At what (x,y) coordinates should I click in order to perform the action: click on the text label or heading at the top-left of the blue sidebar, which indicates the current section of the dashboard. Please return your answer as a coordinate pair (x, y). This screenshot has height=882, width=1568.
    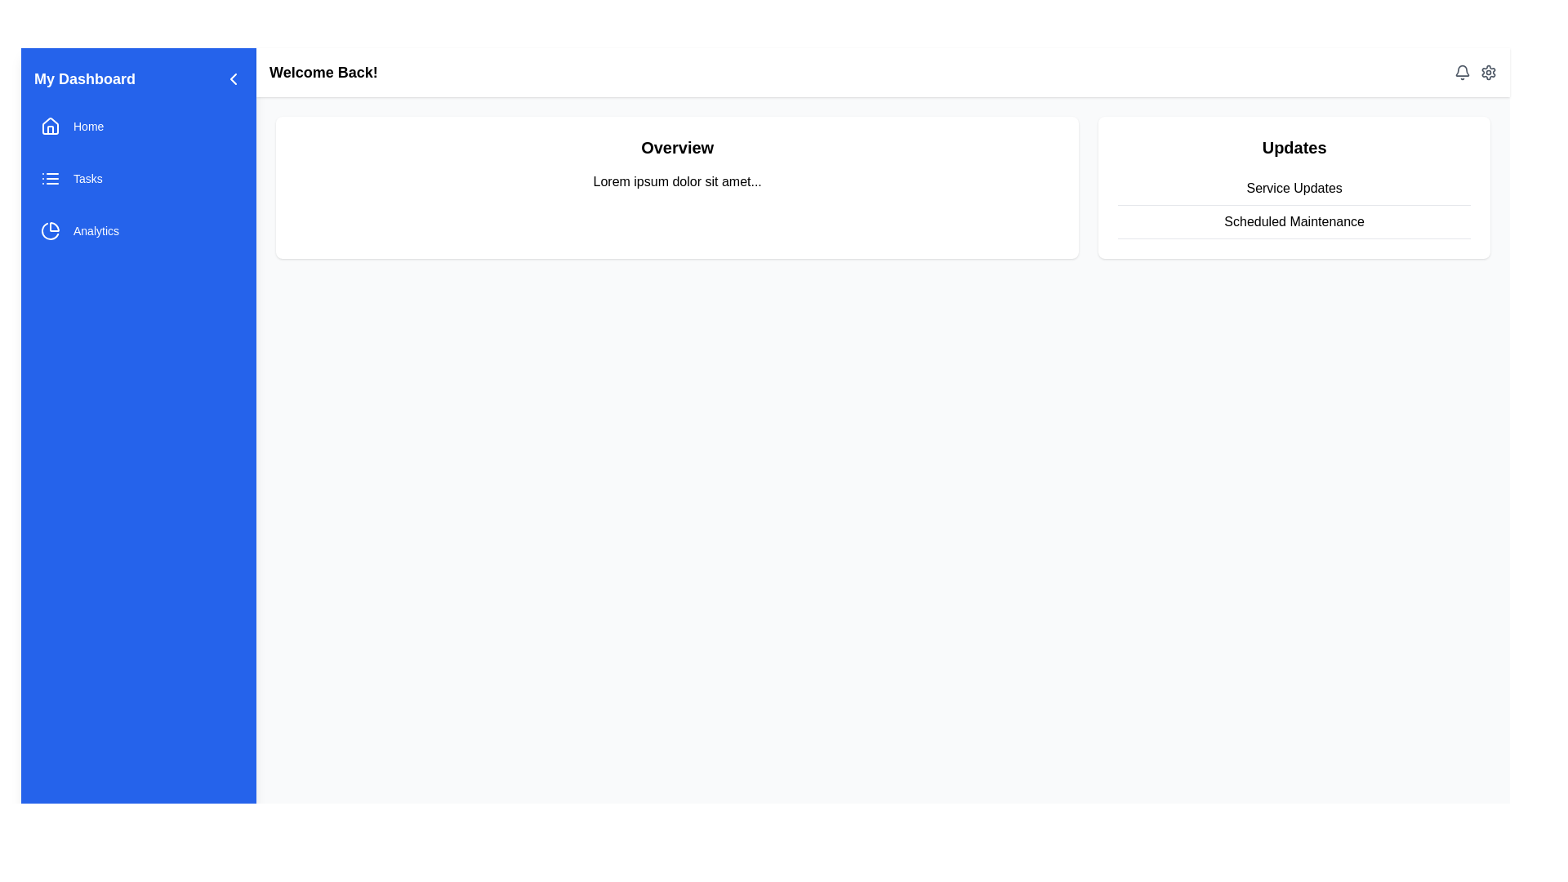
    Looking at the image, I should click on (84, 78).